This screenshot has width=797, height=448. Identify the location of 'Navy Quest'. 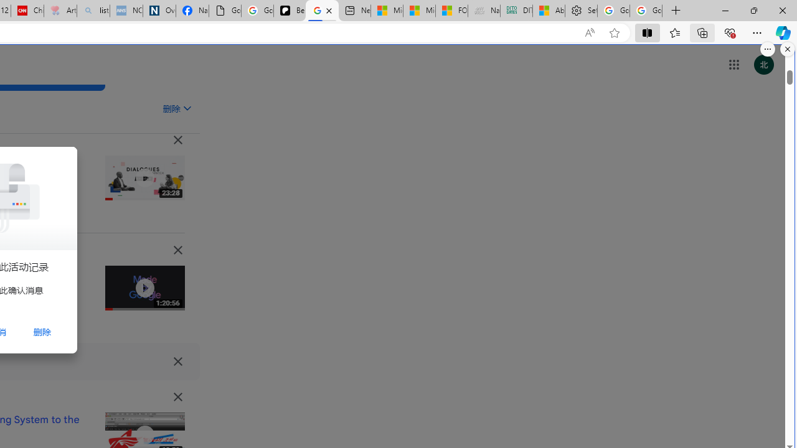
(483, 11).